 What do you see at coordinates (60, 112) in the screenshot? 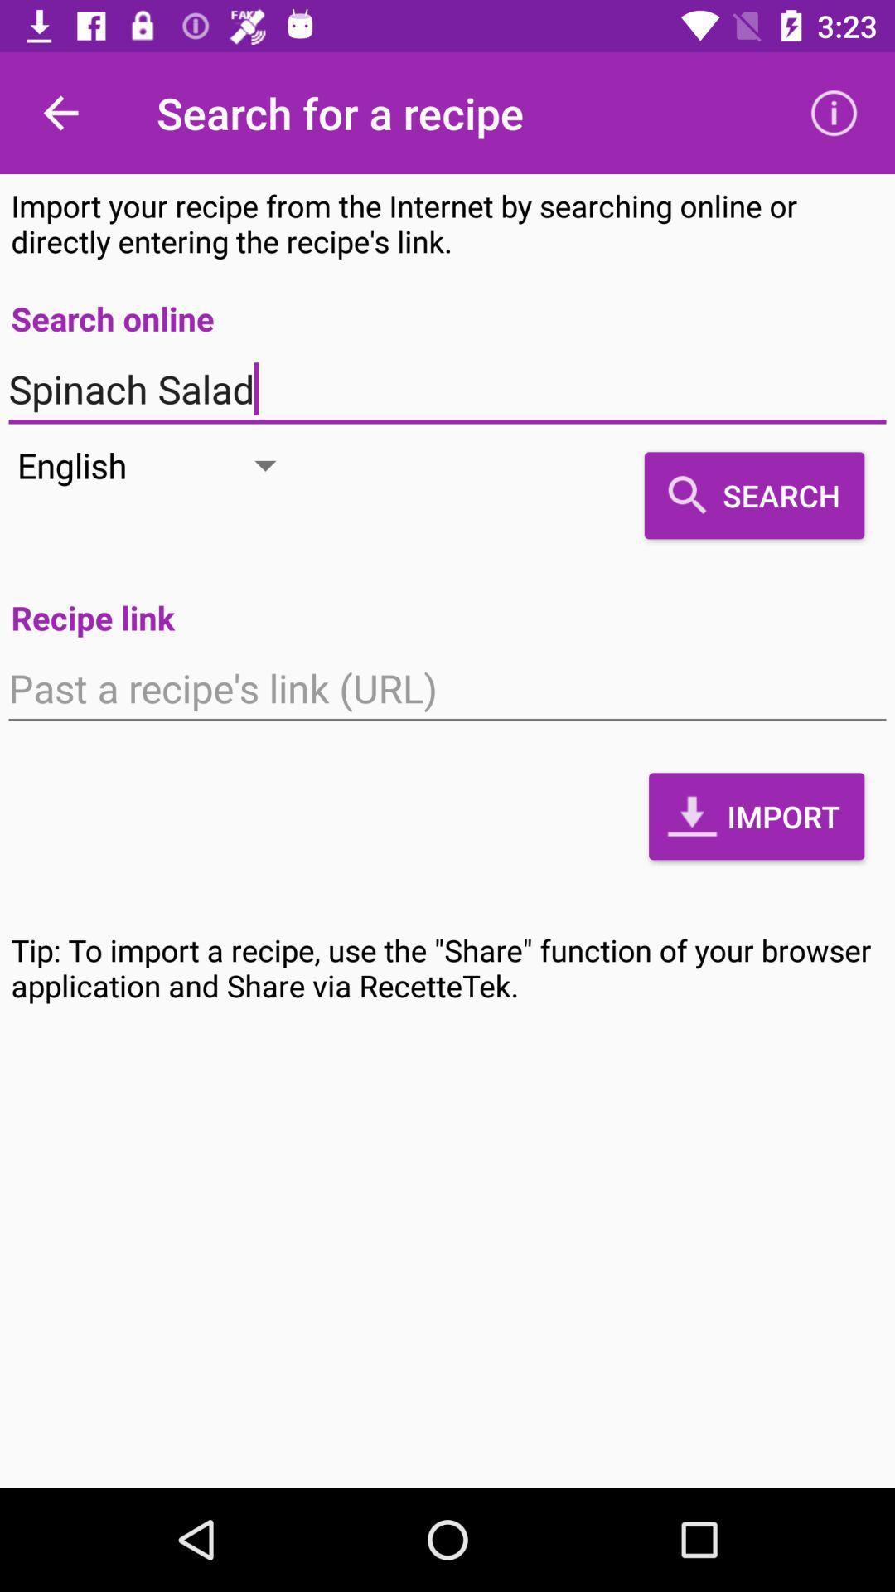
I see `the item above import your recipe item` at bounding box center [60, 112].